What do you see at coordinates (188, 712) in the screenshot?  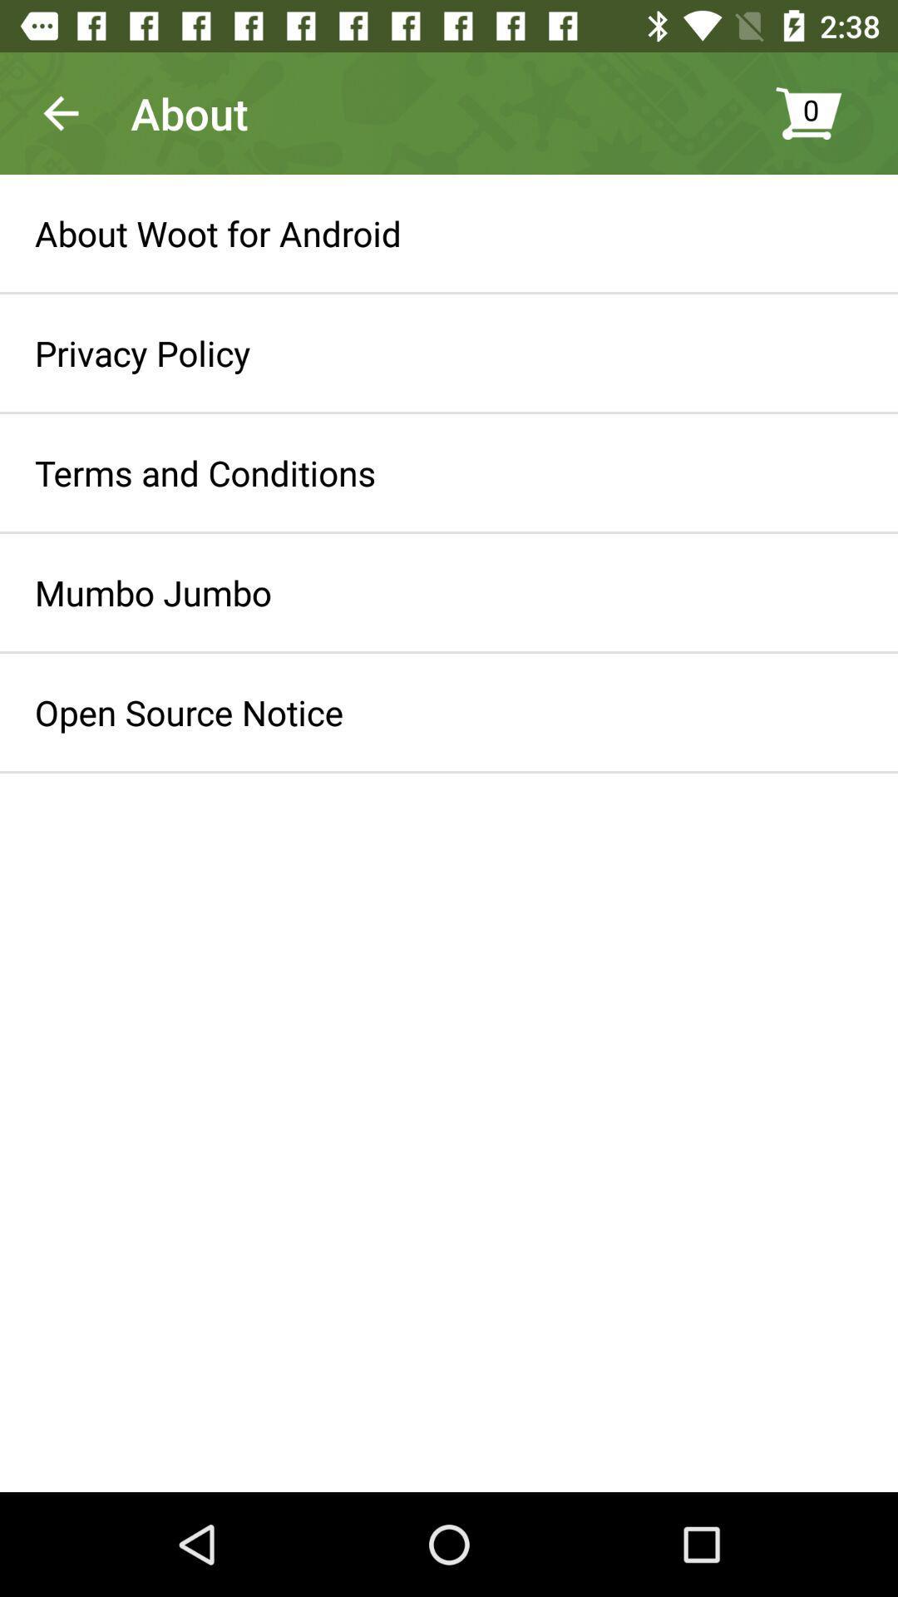 I see `icon below mumbo jumbo item` at bounding box center [188, 712].